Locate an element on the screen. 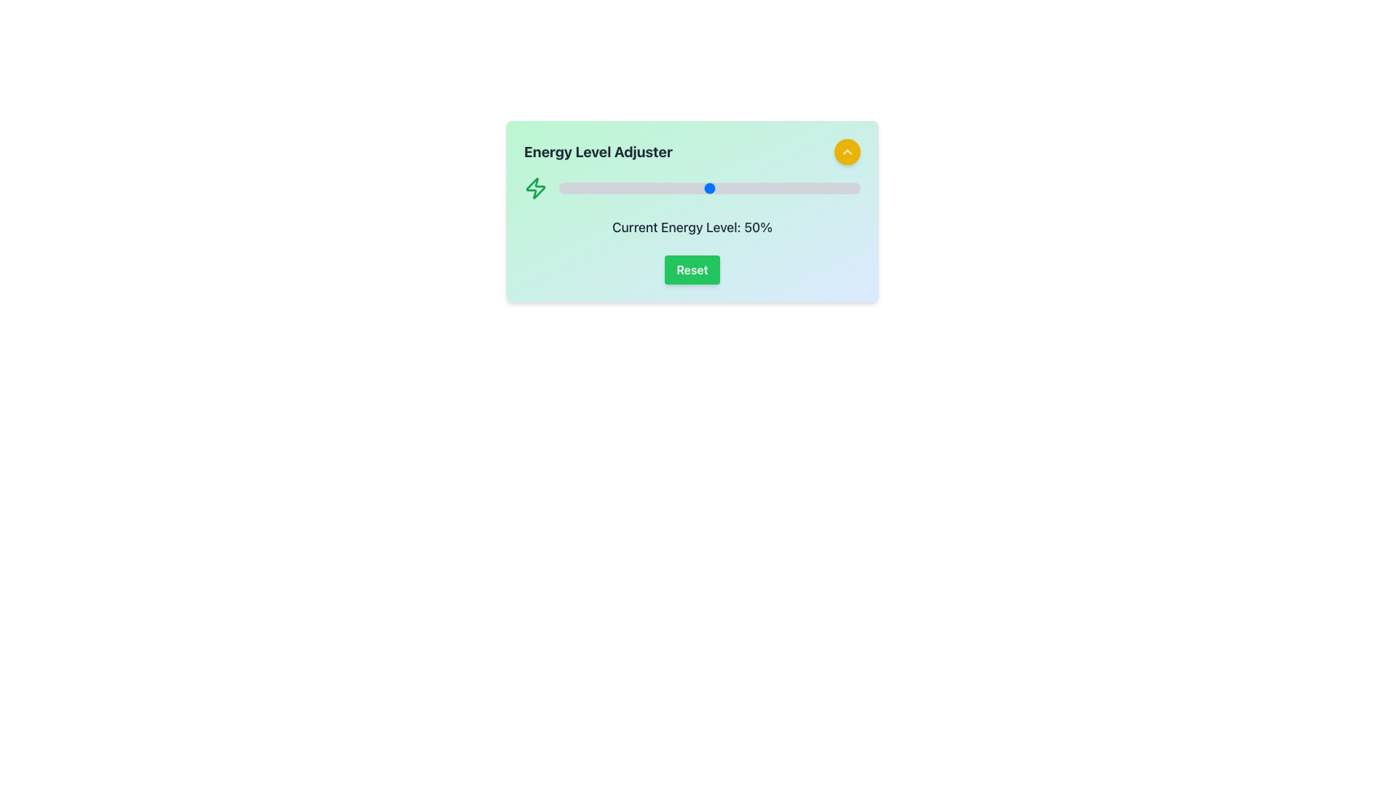 The width and height of the screenshot is (1398, 786). the reset button located at the bottom center of the 'Energy Level Adjuster' card, which is directly below the 'Current Energy Level: 50%' text is located at coordinates (691, 269).